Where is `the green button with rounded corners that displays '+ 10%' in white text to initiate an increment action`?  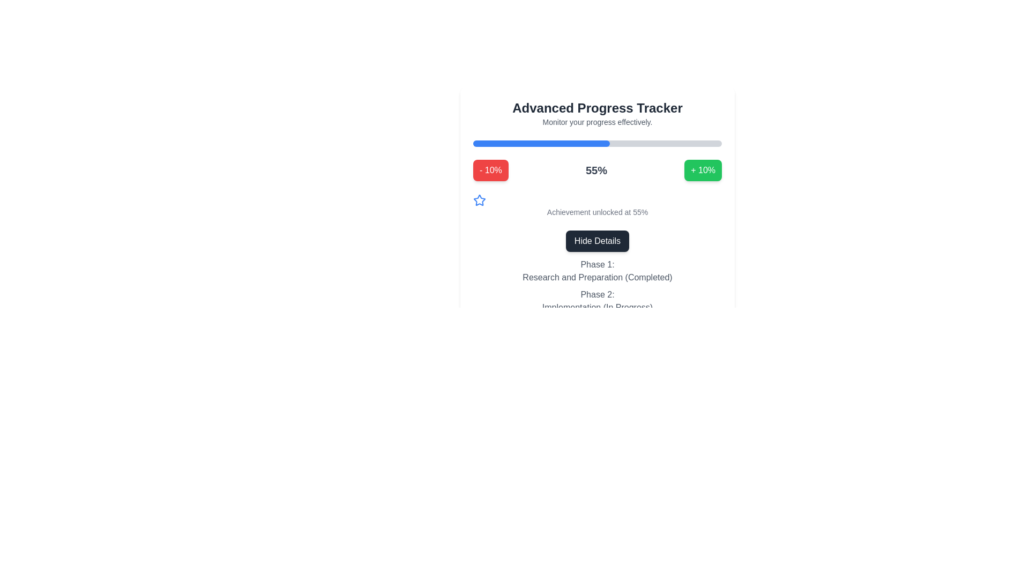
the green button with rounded corners that displays '+ 10%' in white text to initiate an increment action is located at coordinates (703, 169).